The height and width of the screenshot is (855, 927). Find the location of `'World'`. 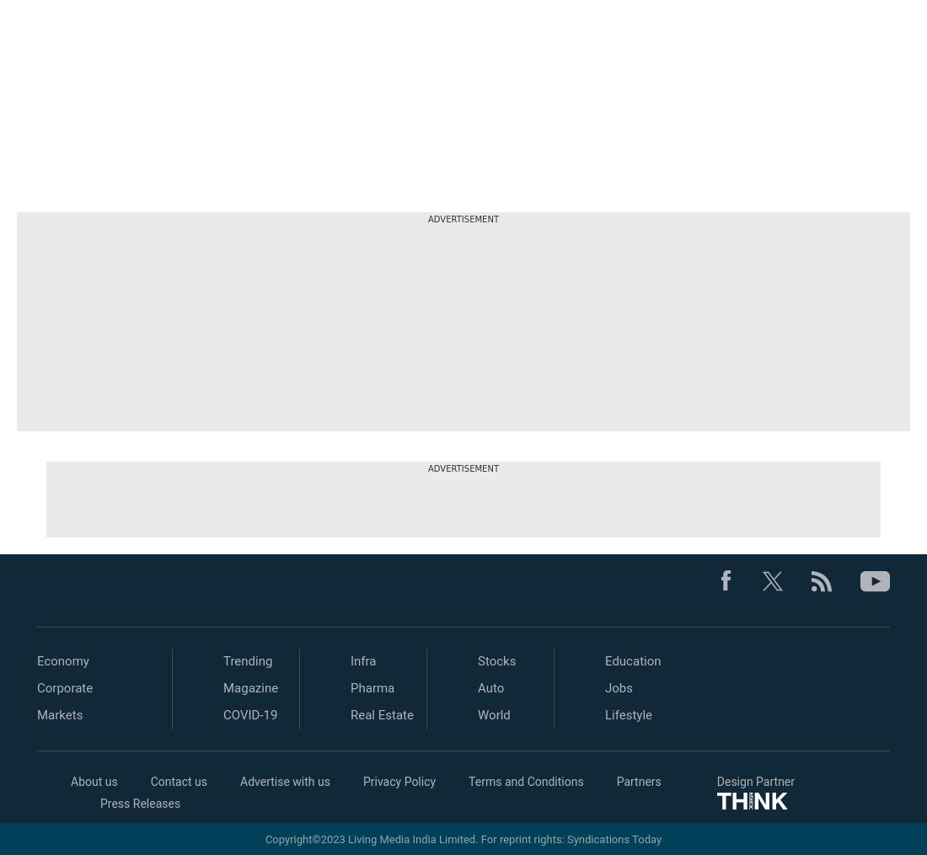

'World' is located at coordinates (492, 714).